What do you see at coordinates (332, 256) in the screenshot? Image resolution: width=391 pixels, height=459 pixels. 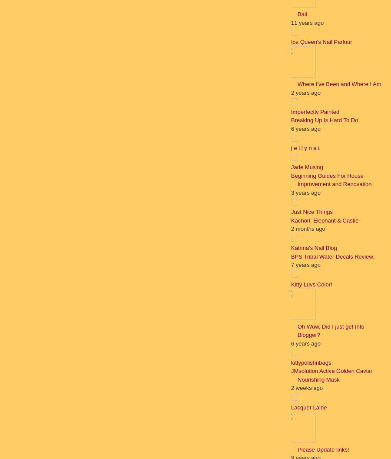 I see `'BPS Tribal Water Decals Review;'` at bounding box center [332, 256].